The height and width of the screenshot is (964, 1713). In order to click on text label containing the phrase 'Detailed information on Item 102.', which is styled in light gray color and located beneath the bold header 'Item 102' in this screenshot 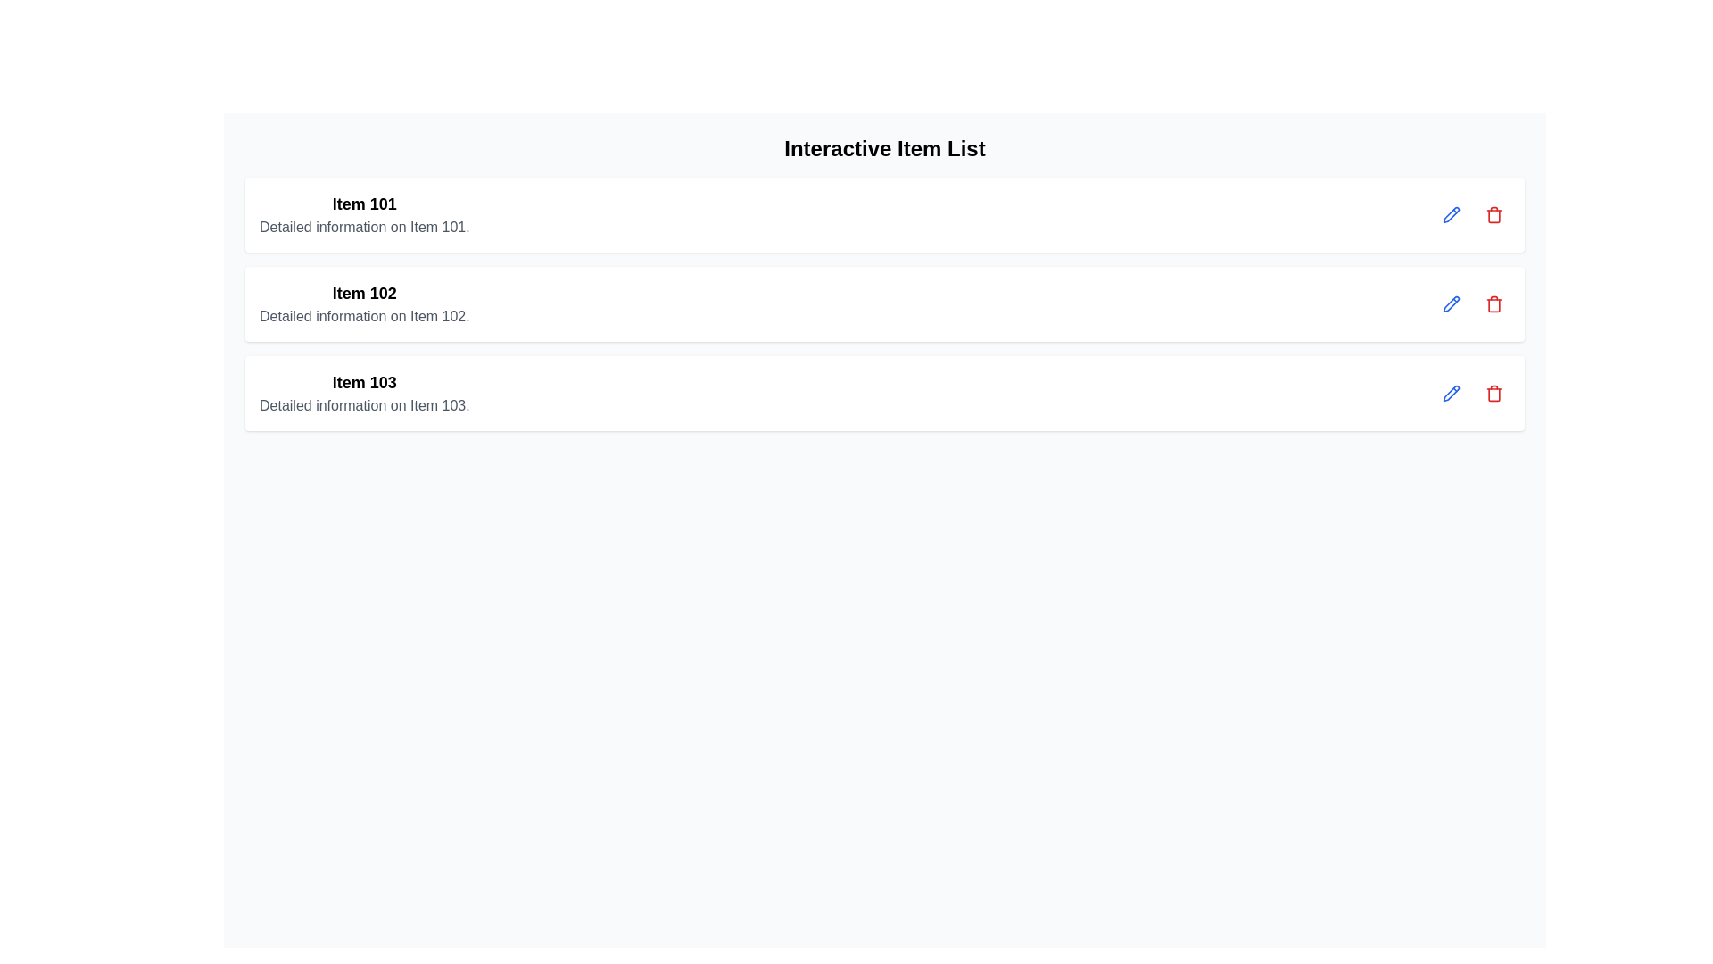, I will do `click(363, 315)`.